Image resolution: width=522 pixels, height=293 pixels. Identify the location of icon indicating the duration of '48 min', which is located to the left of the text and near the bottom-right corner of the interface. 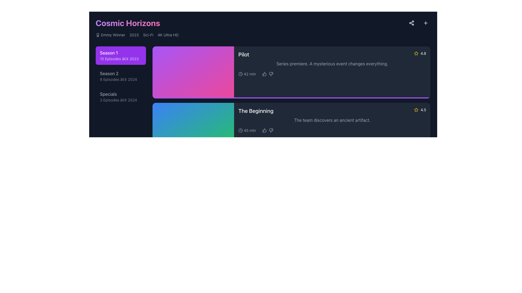
(240, 187).